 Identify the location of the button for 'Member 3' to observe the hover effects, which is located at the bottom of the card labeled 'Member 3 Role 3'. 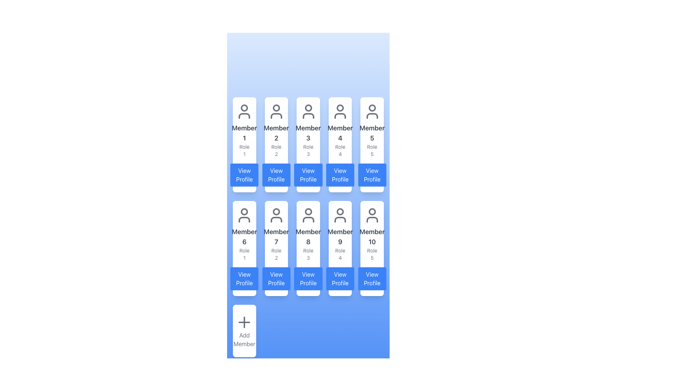
(308, 175).